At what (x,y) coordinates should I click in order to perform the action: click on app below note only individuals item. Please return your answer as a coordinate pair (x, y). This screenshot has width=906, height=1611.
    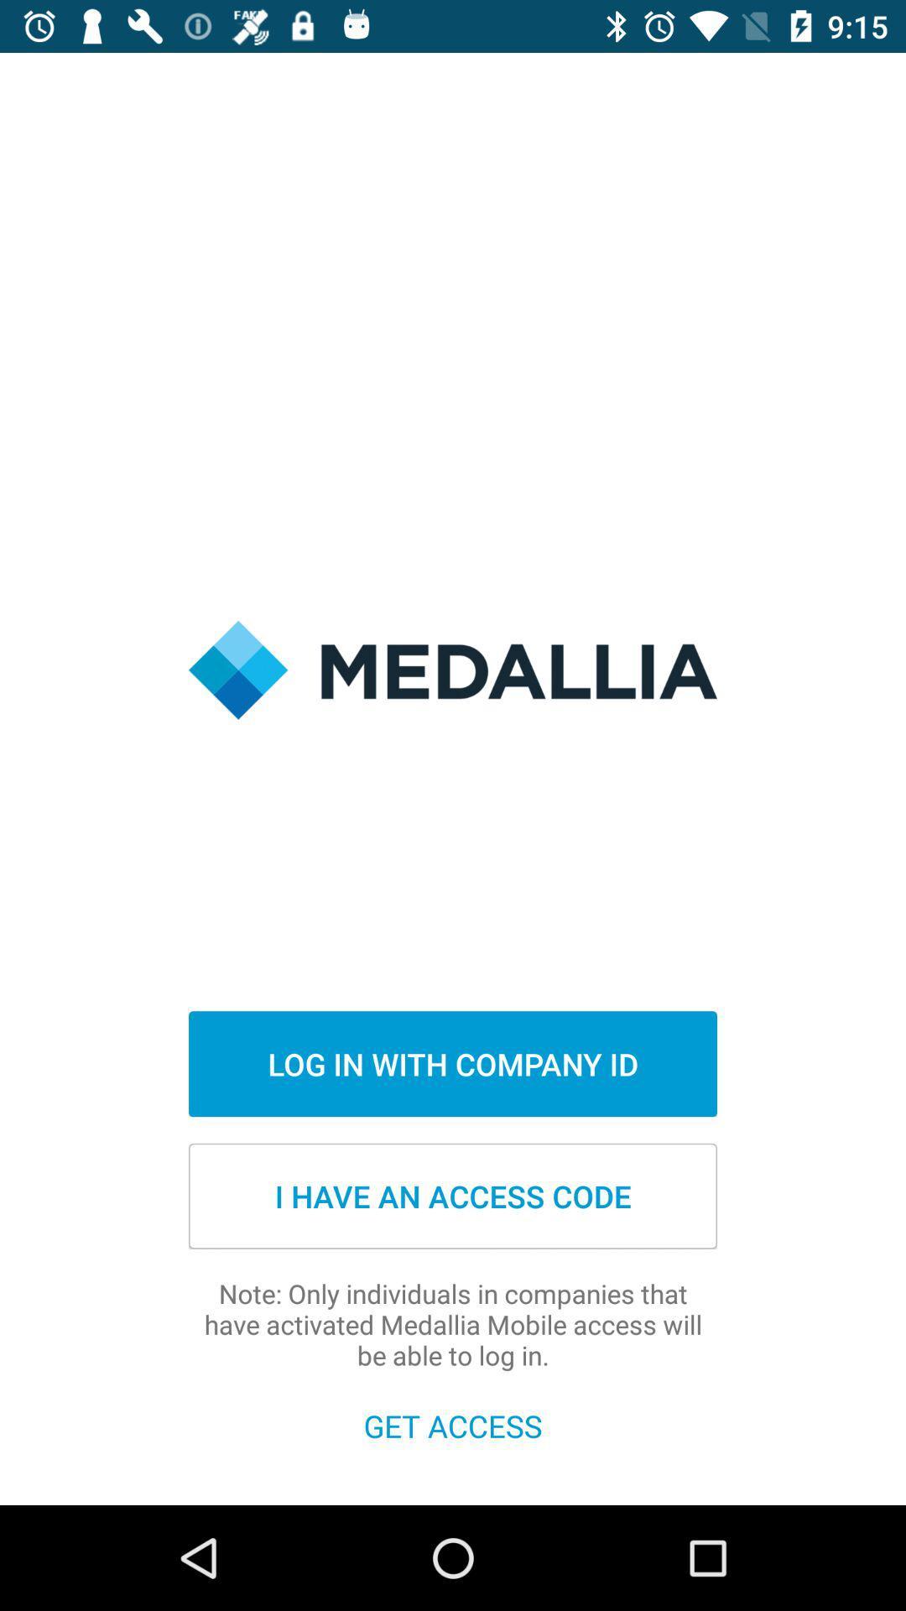
    Looking at the image, I should click on (453, 1425).